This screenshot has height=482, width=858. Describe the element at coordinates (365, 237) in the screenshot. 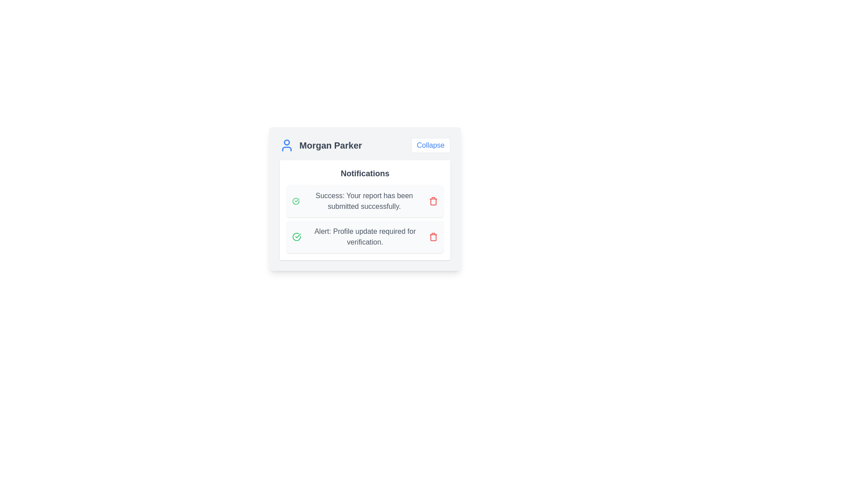

I see `the second Informational Notification Entry containing the alert message 'Alert: Profile update required for verification.'` at that location.